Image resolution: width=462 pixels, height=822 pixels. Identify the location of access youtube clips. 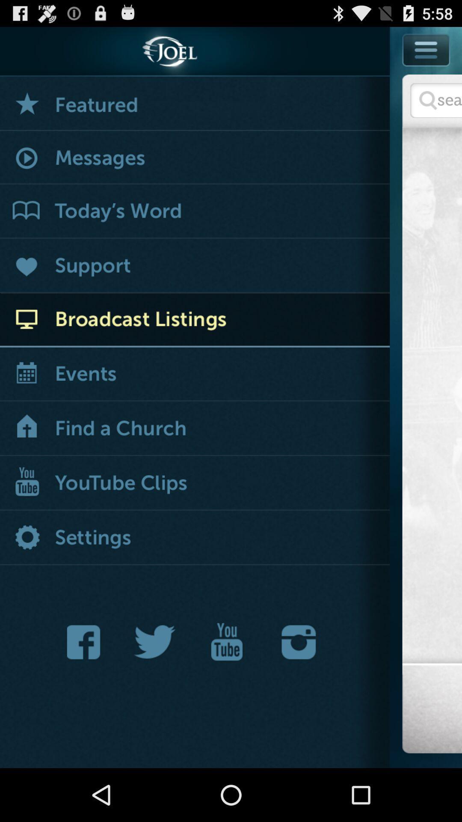
(195, 484).